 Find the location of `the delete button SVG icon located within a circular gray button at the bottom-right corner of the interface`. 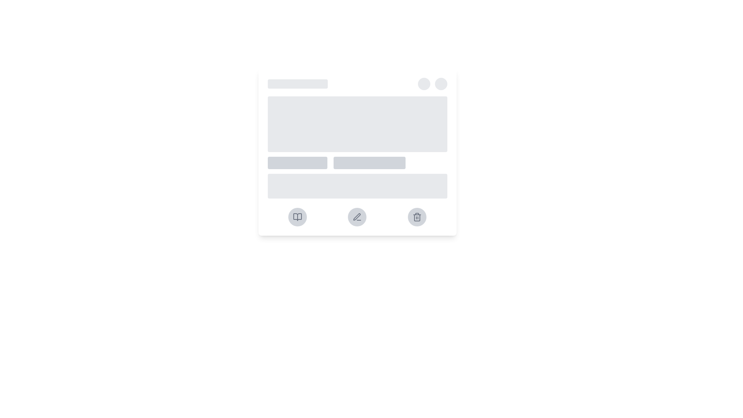

the delete button SVG icon located within a circular gray button at the bottom-right corner of the interface is located at coordinates (417, 217).